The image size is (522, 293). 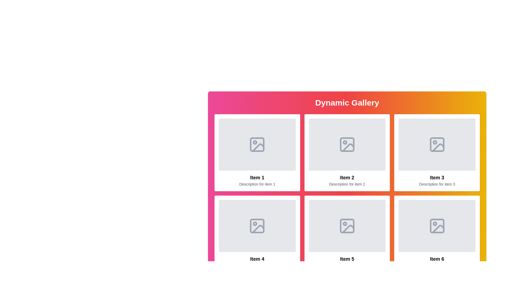 I want to click on the outlined image icon located in the second column of the top row beneath 'Item 2', so click(x=347, y=144).